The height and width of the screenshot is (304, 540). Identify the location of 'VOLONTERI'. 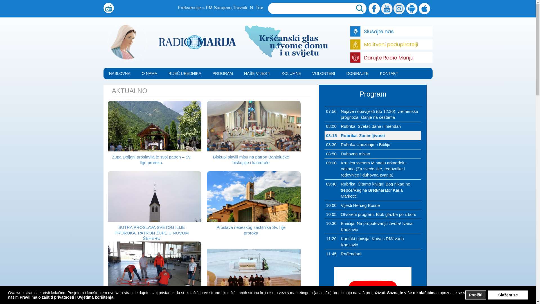
(324, 73).